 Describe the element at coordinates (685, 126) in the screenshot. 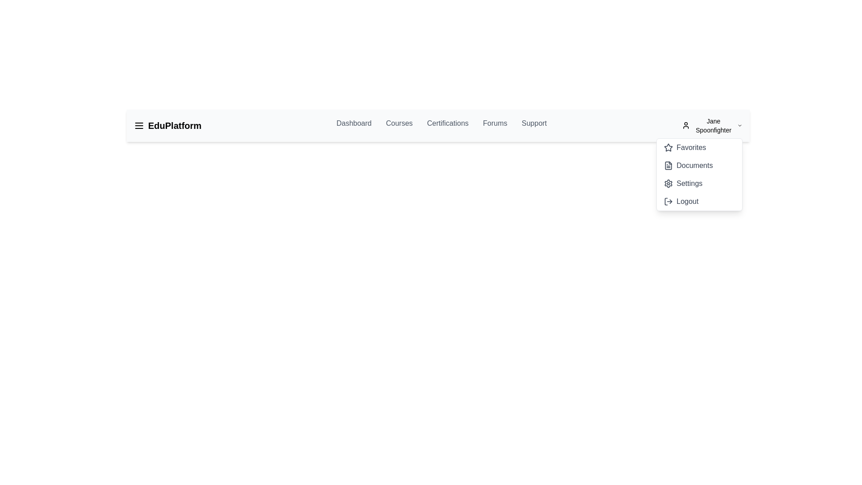

I see `the user profile icon located on the top-right side of the interface, part of the navigation bar, which represents user-related actions such as profile settings or logout options` at that location.